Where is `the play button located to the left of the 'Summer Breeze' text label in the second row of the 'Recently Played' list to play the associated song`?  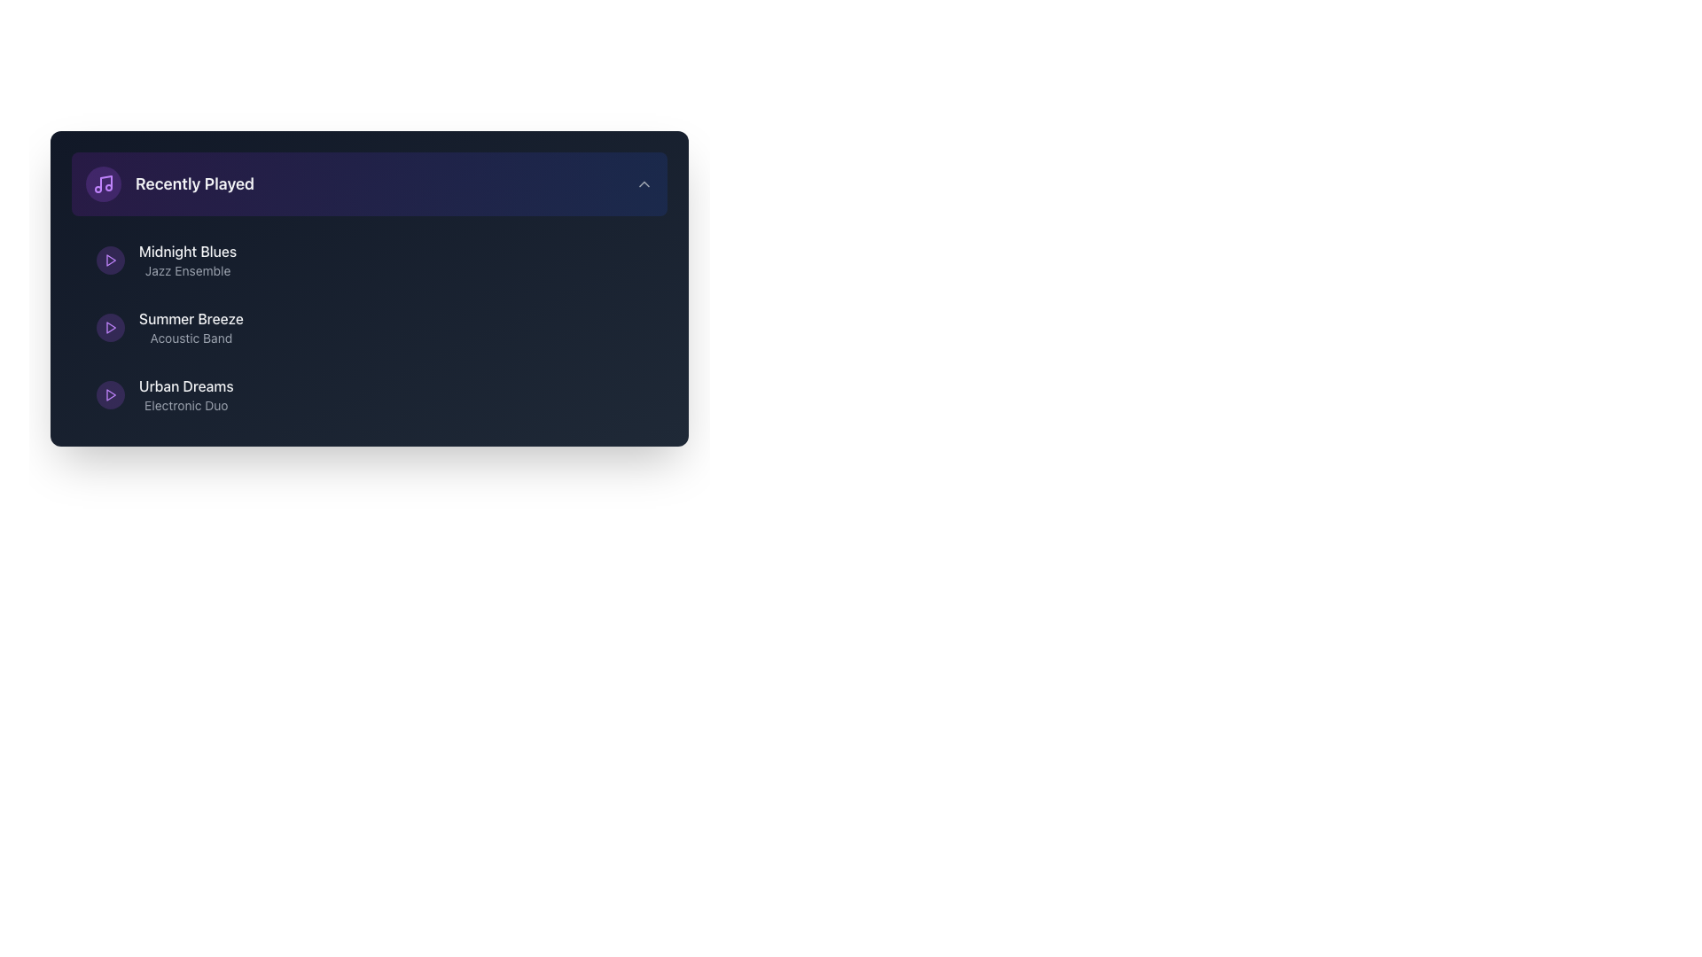
the play button located to the left of the 'Summer Breeze' text label in the second row of the 'Recently Played' list to play the associated song is located at coordinates (110, 328).